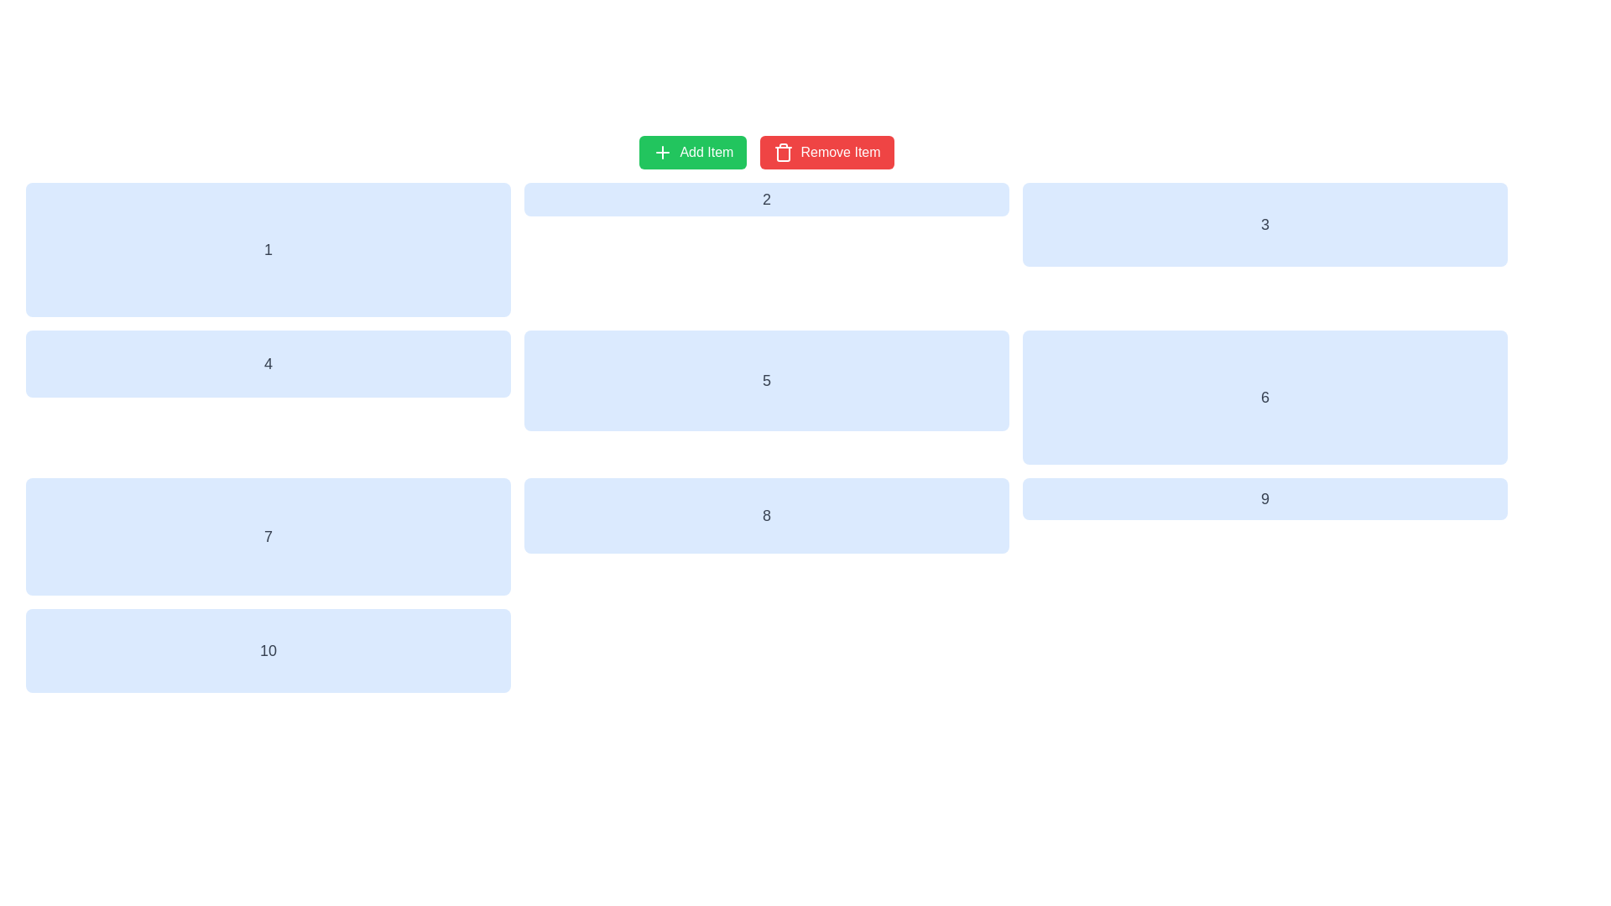 The height and width of the screenshot is (906, 1611). I want to click on the text label displaying the number '7', which is centered within the rectangular box labeled '8' in a grid layout, so click(268, 537).